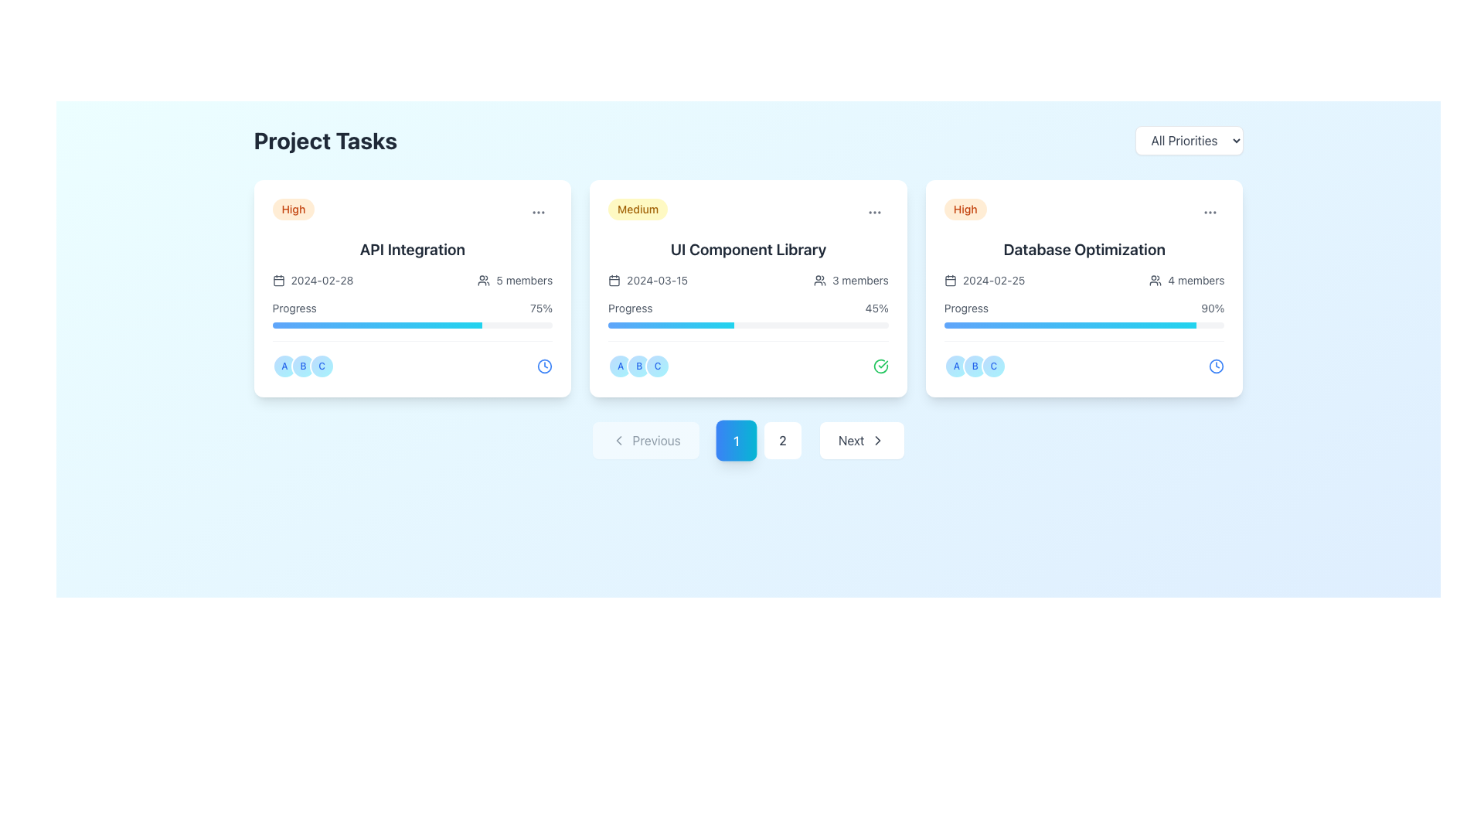 The width and height of the screenshot is (1484, 835). I want to click on the blue gradient progress bar segment within the 'Database Optimization' card, which is characterized by rounded edges and transitions from blue to cyan, so click(1070, 324).